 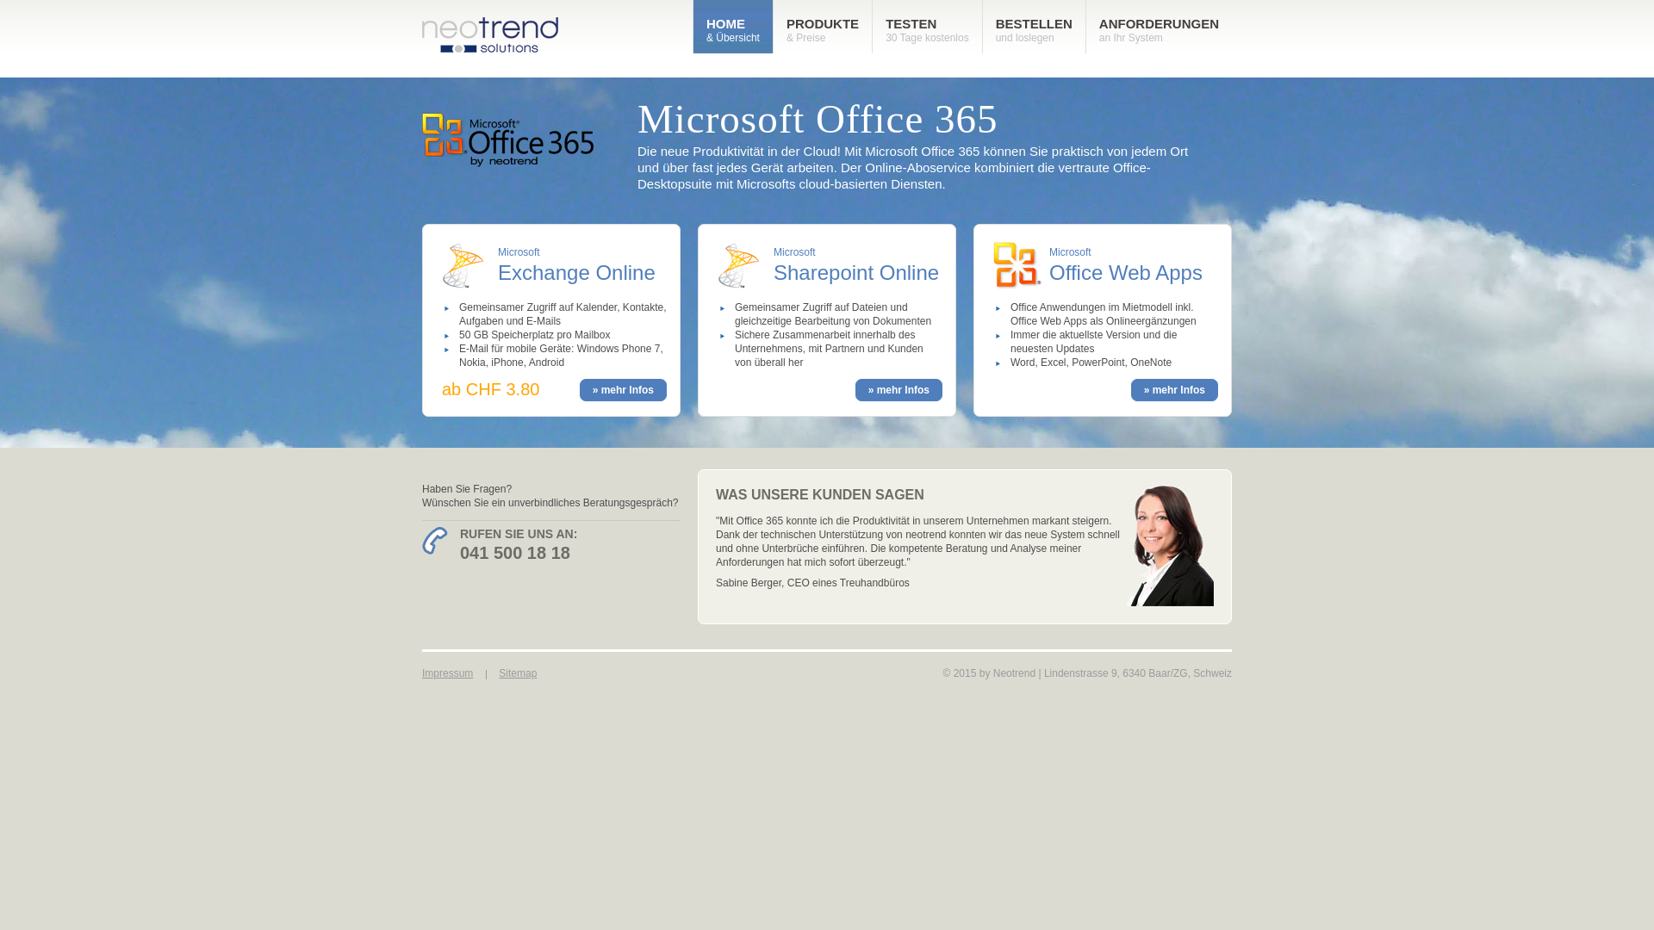 What do you see at coordinates (1159, 26) in the screenshot?
I see `'ANFORDERUNGEN` at bounding box center [1159, 26].